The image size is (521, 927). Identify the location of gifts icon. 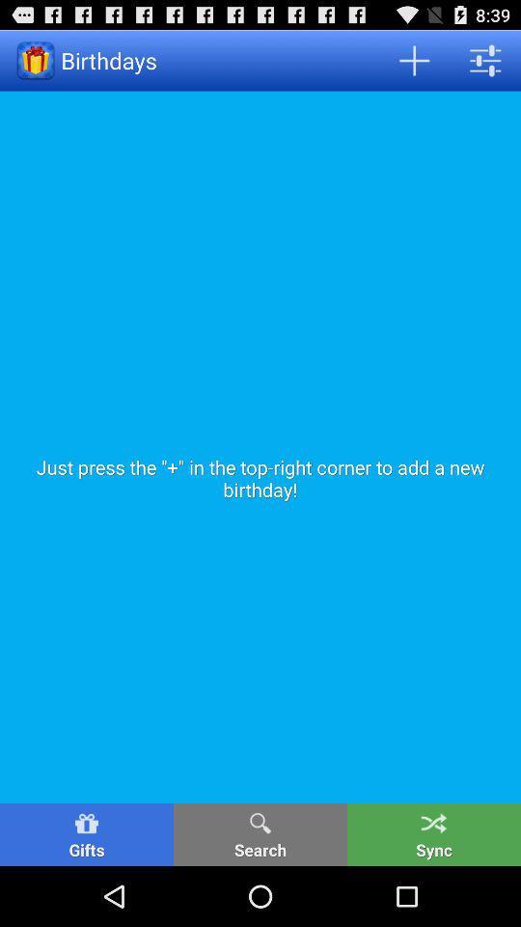
(86, 833).